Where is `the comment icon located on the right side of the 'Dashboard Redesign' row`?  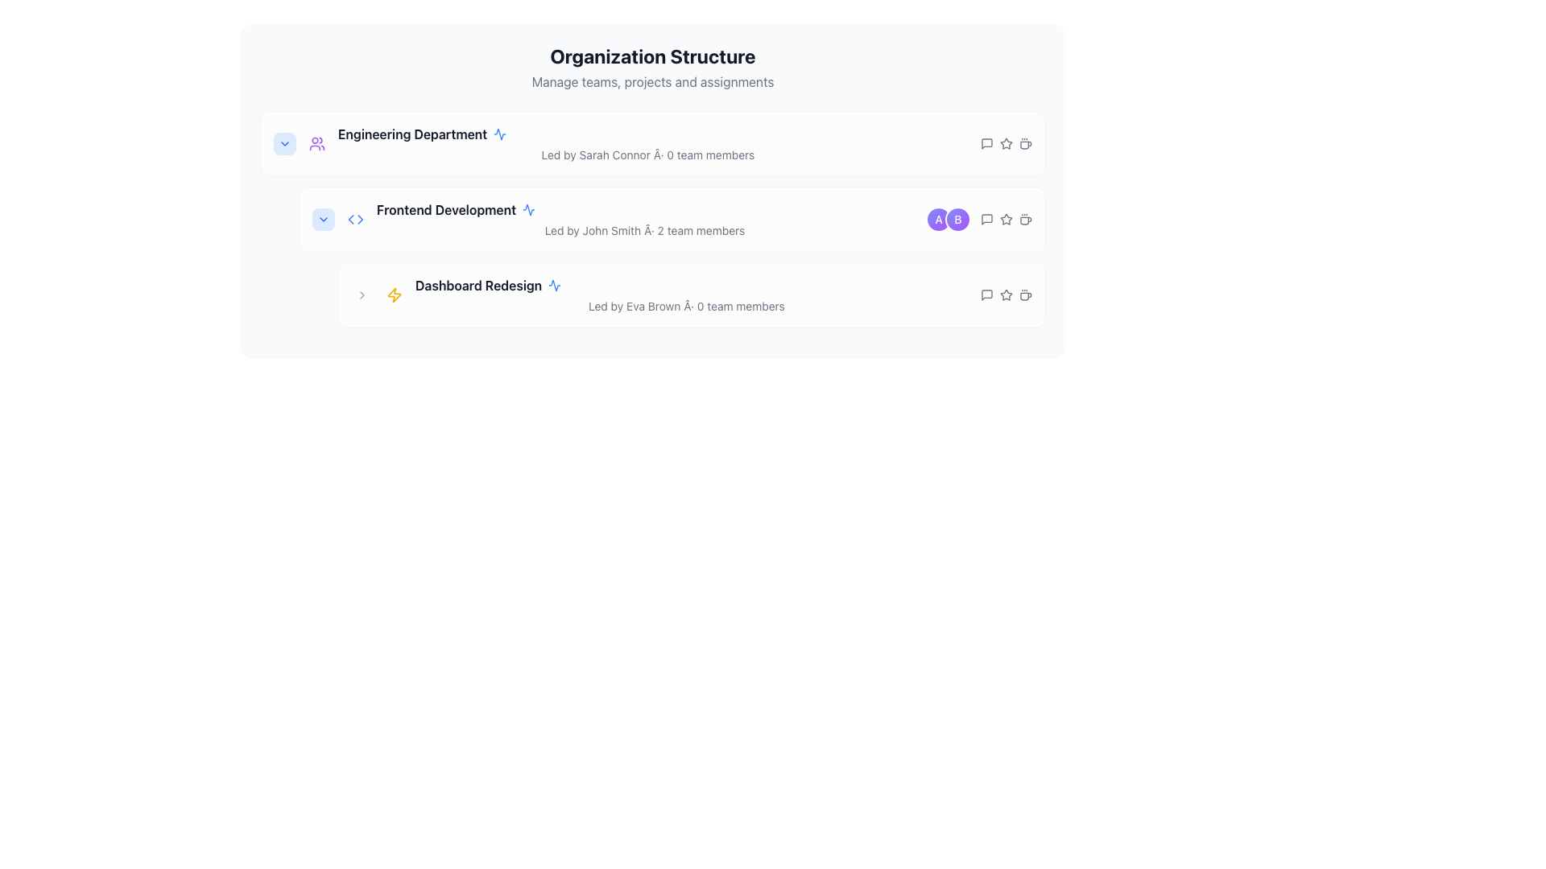 the comment icon located on the right side of the 'Dashboard Redesign' row is located at coordinates (986, 294).